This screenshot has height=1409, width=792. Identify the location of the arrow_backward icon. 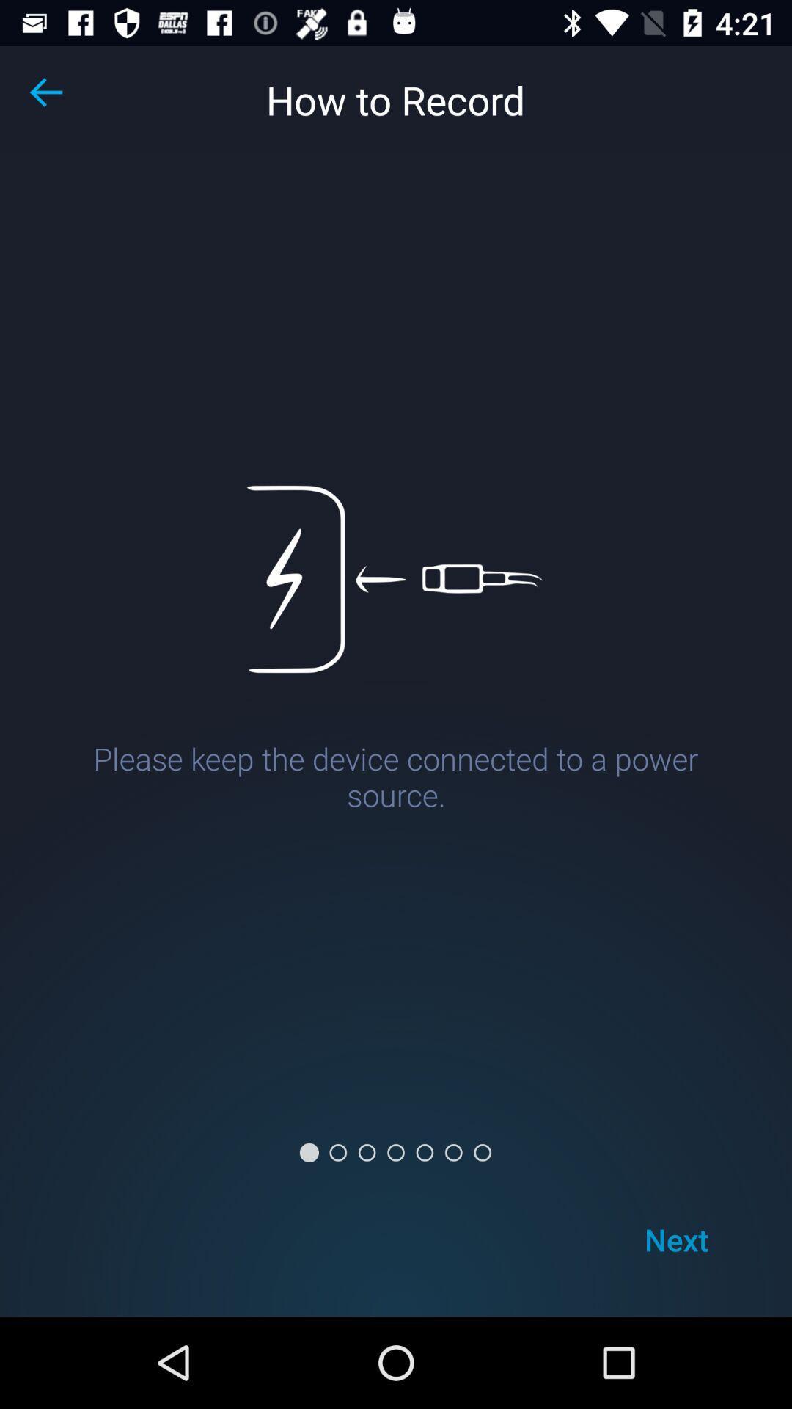
(45, 91).